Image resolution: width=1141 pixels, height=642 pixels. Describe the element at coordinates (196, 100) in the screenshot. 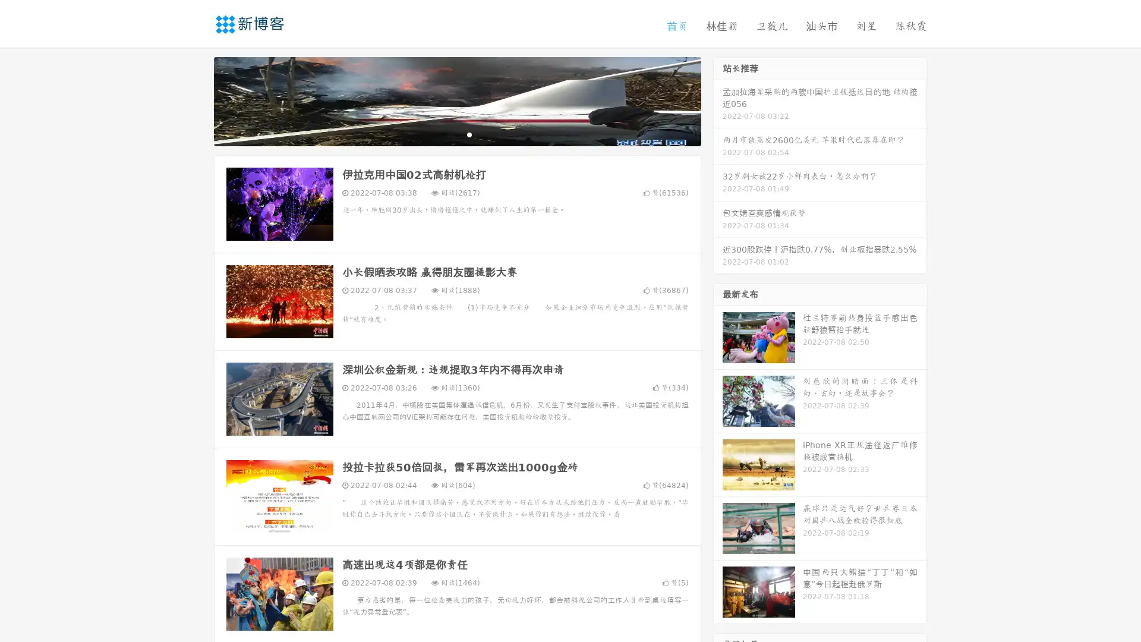

I see `Previous slide` at that location.